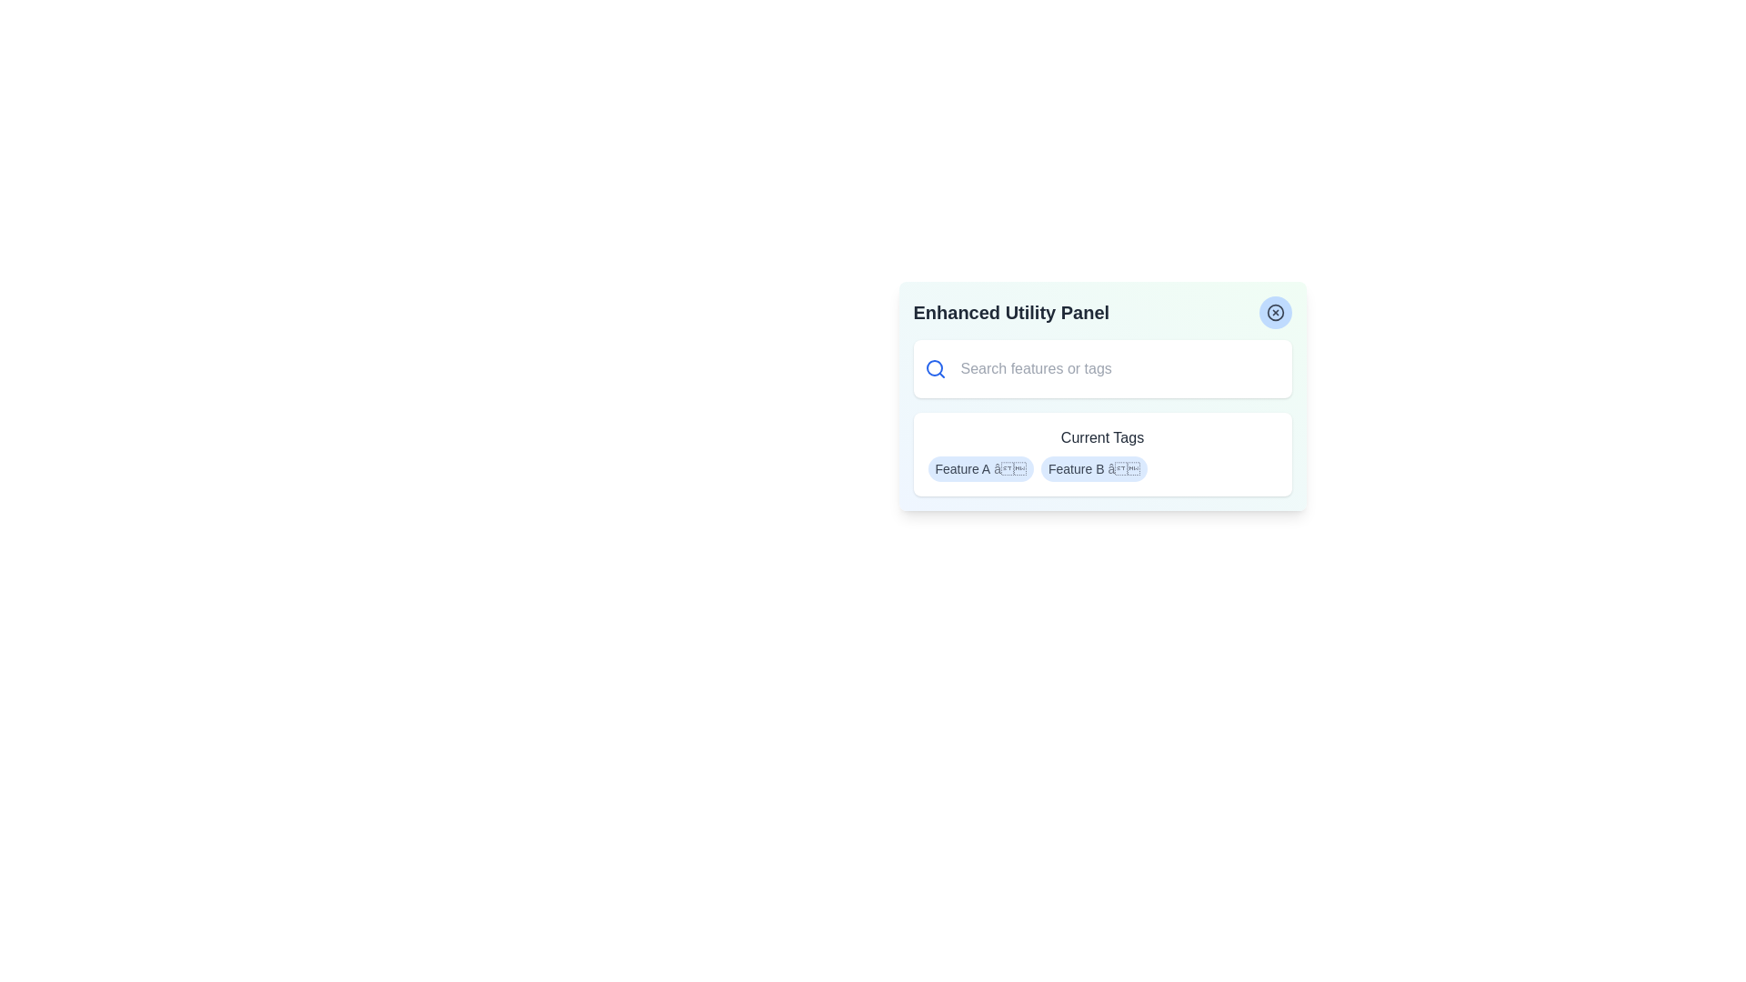 This screenshot has width=1746, height=982. What do you see at coordinates (1123, 468) in the screenshot?
I see `the close button associated with the 'Feature B' tag` at bounding box center [1123, 468].